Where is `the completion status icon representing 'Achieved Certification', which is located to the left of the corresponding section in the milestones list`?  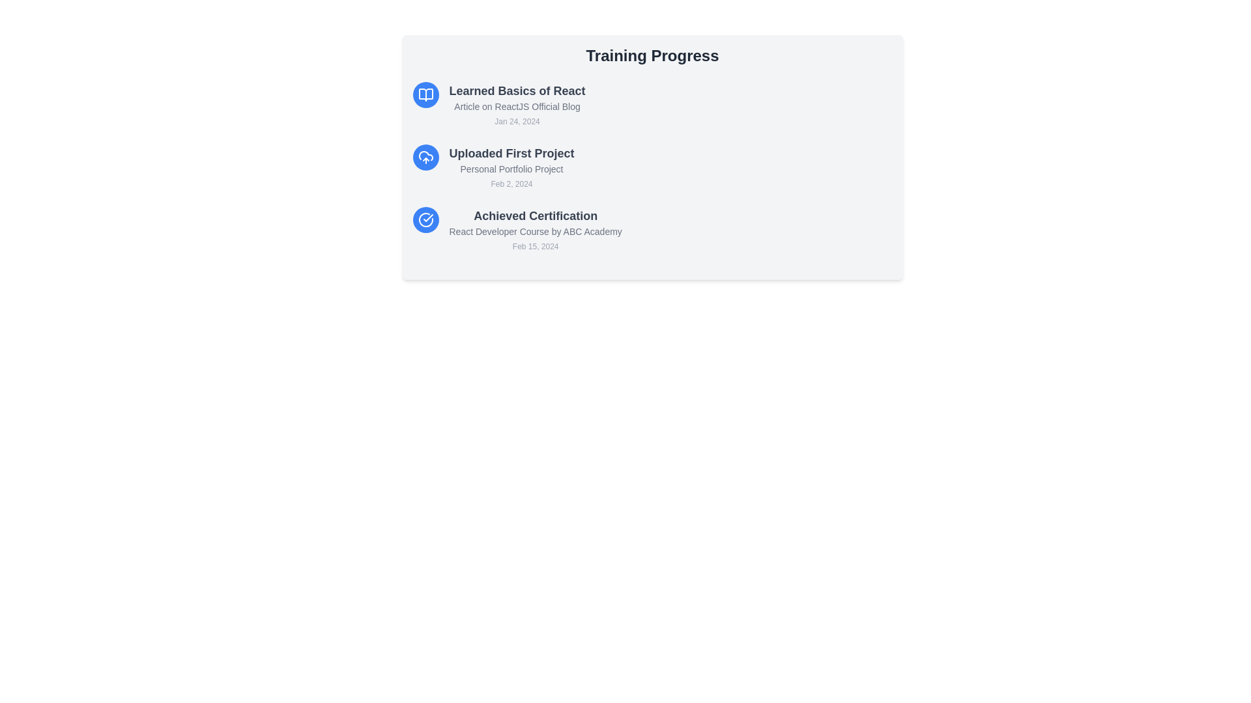
the completion status icon representing 'Achieved Certification', which is located to the left of the corresponding section in the milestones list is located at coordinates (425, 219).